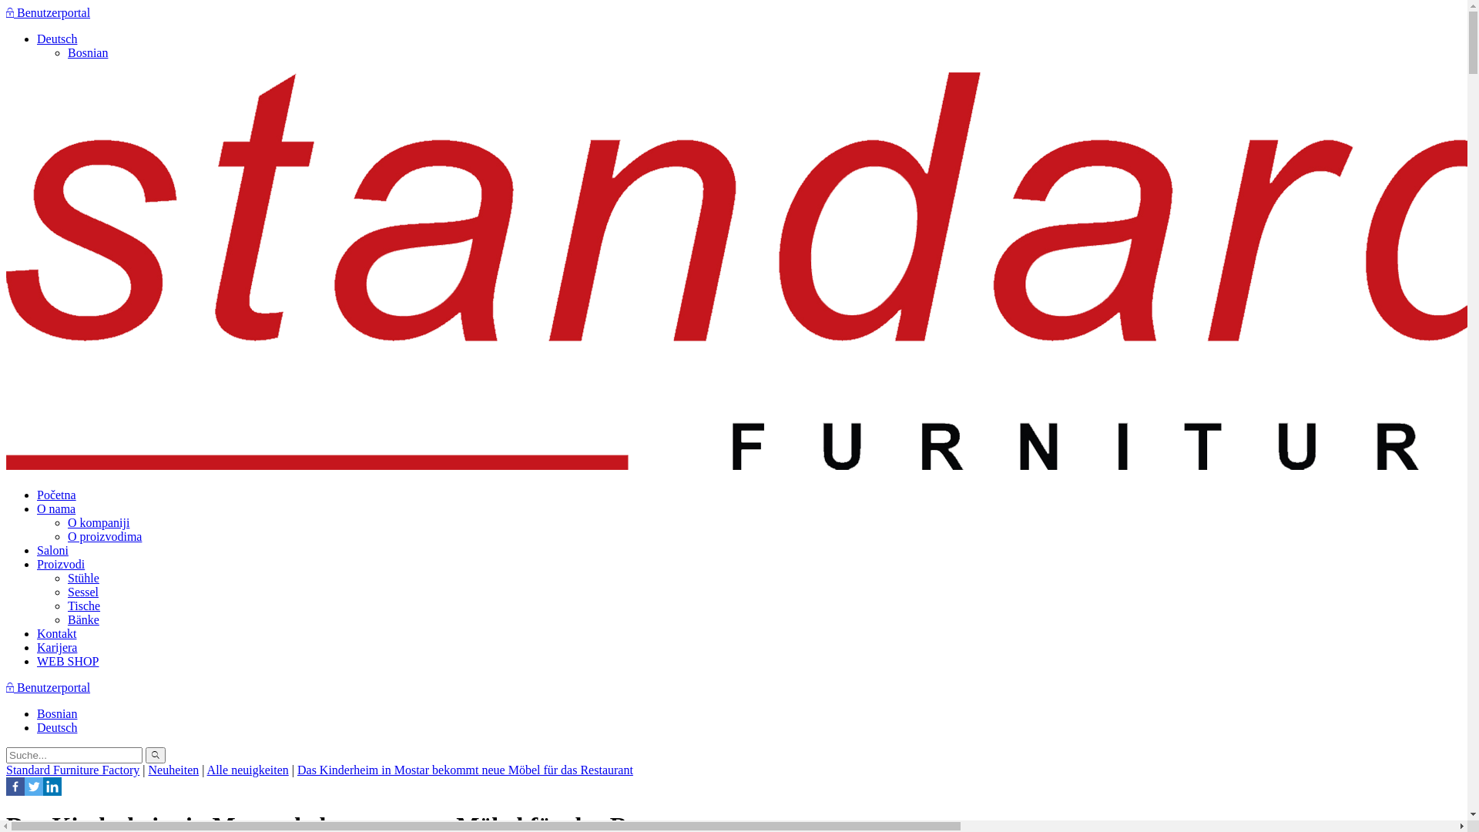  Describe the element at coordinates (60, 564) in the screenshot. I see `'Proizvodi'` at that location.